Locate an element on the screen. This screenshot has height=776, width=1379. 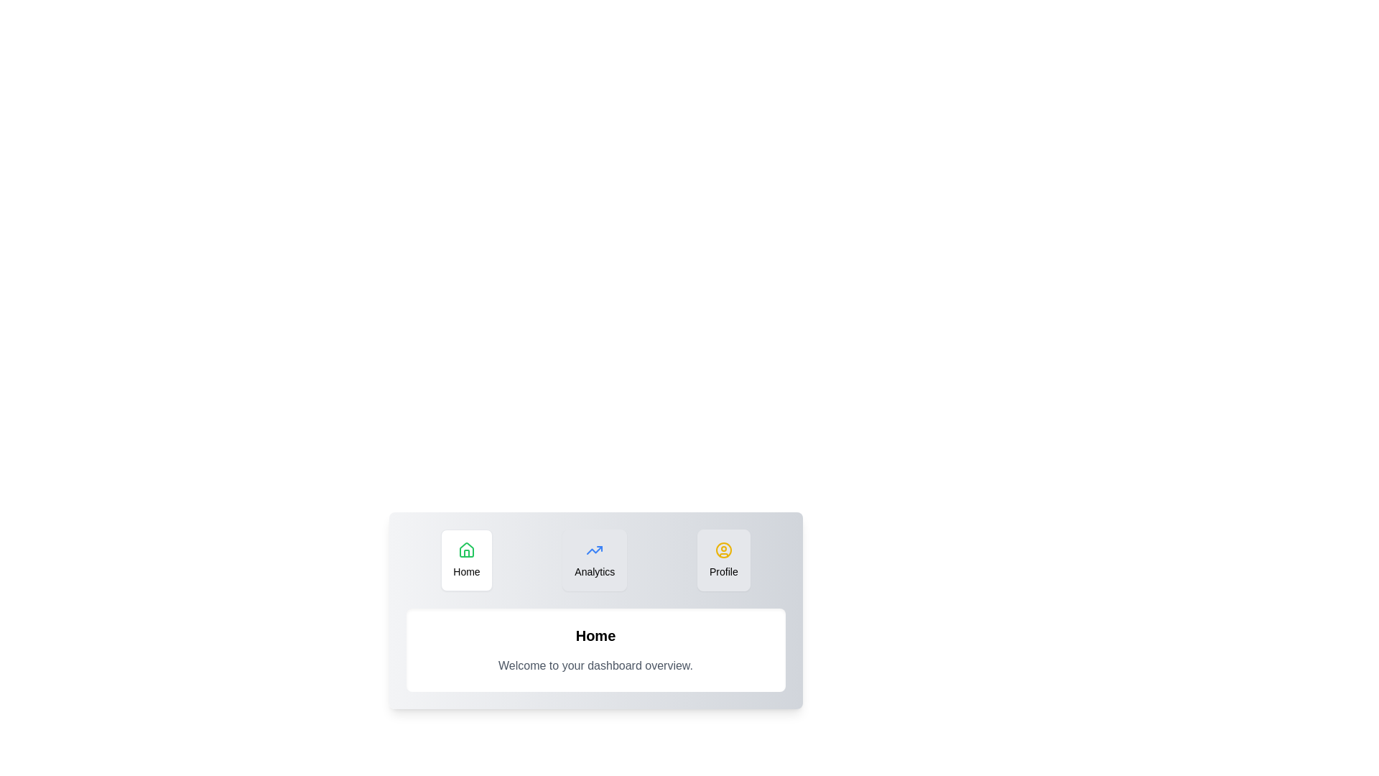
the Analytics tab by clicking on its button is located at coordinates (595, 559).